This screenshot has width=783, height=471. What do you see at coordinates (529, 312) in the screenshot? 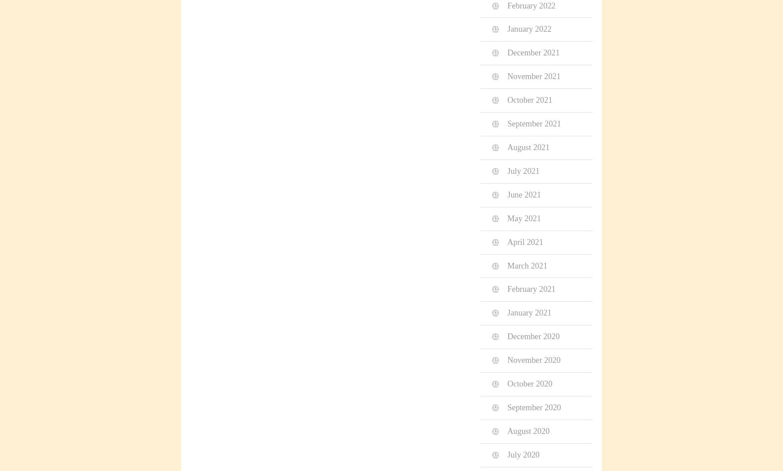
I see `'January 2021'` at bounding box center [529, 312].